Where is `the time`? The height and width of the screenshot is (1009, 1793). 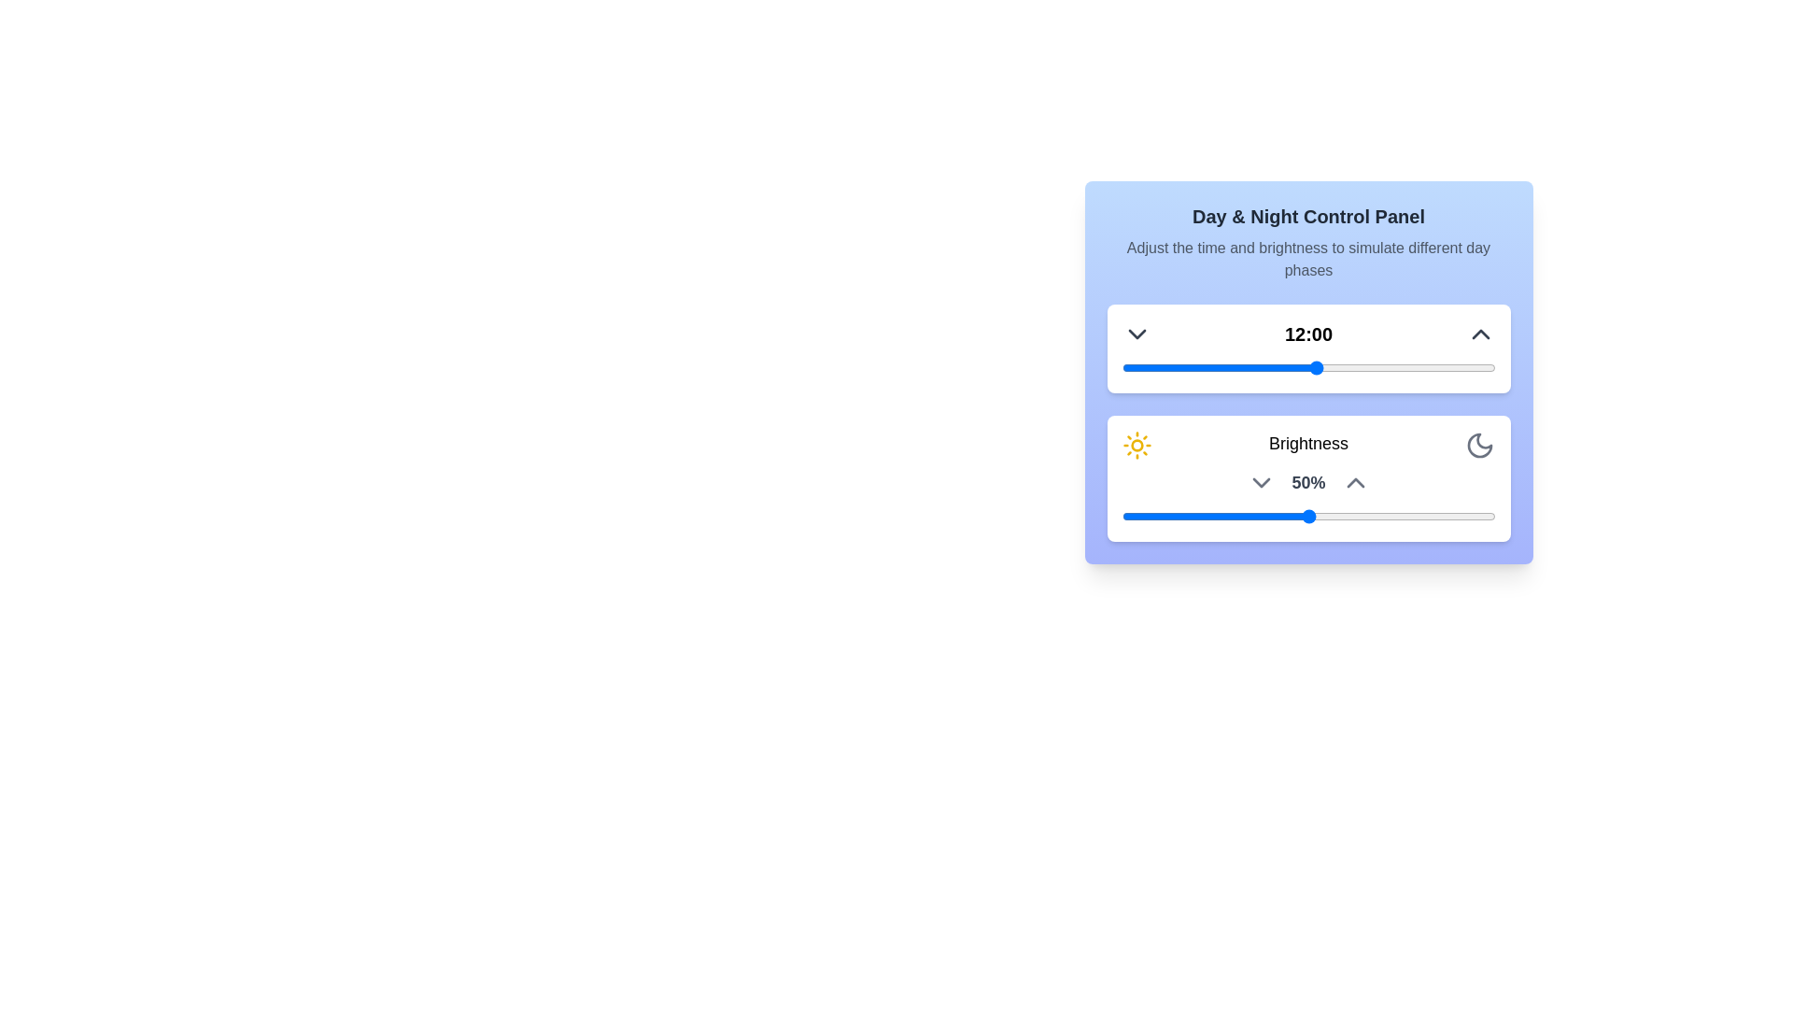 the time is located at coordinates (1365, 367).